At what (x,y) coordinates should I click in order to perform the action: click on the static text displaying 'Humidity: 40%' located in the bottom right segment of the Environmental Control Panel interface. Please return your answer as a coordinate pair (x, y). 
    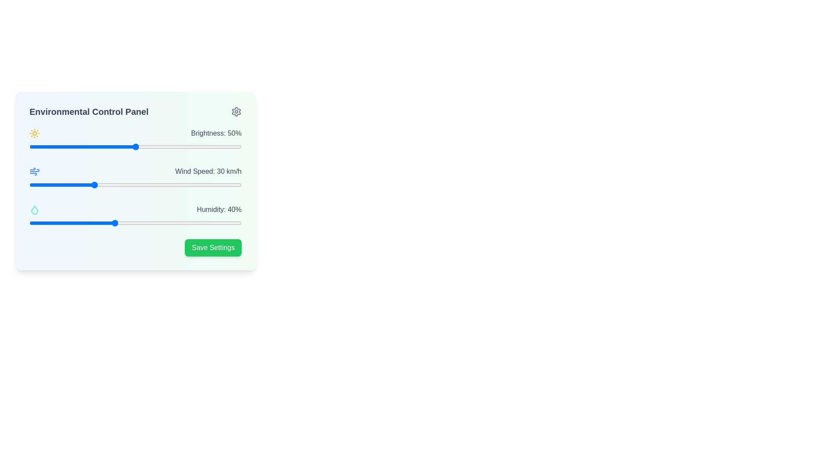
    Looking at the image, I should click on (219, 209).